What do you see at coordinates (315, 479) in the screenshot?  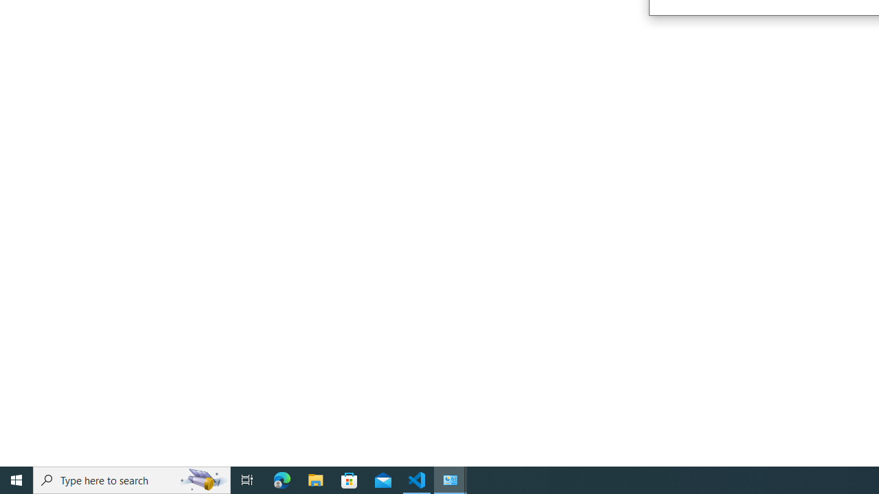 I see `'File Explorer'` at bounding box center [315, 479].